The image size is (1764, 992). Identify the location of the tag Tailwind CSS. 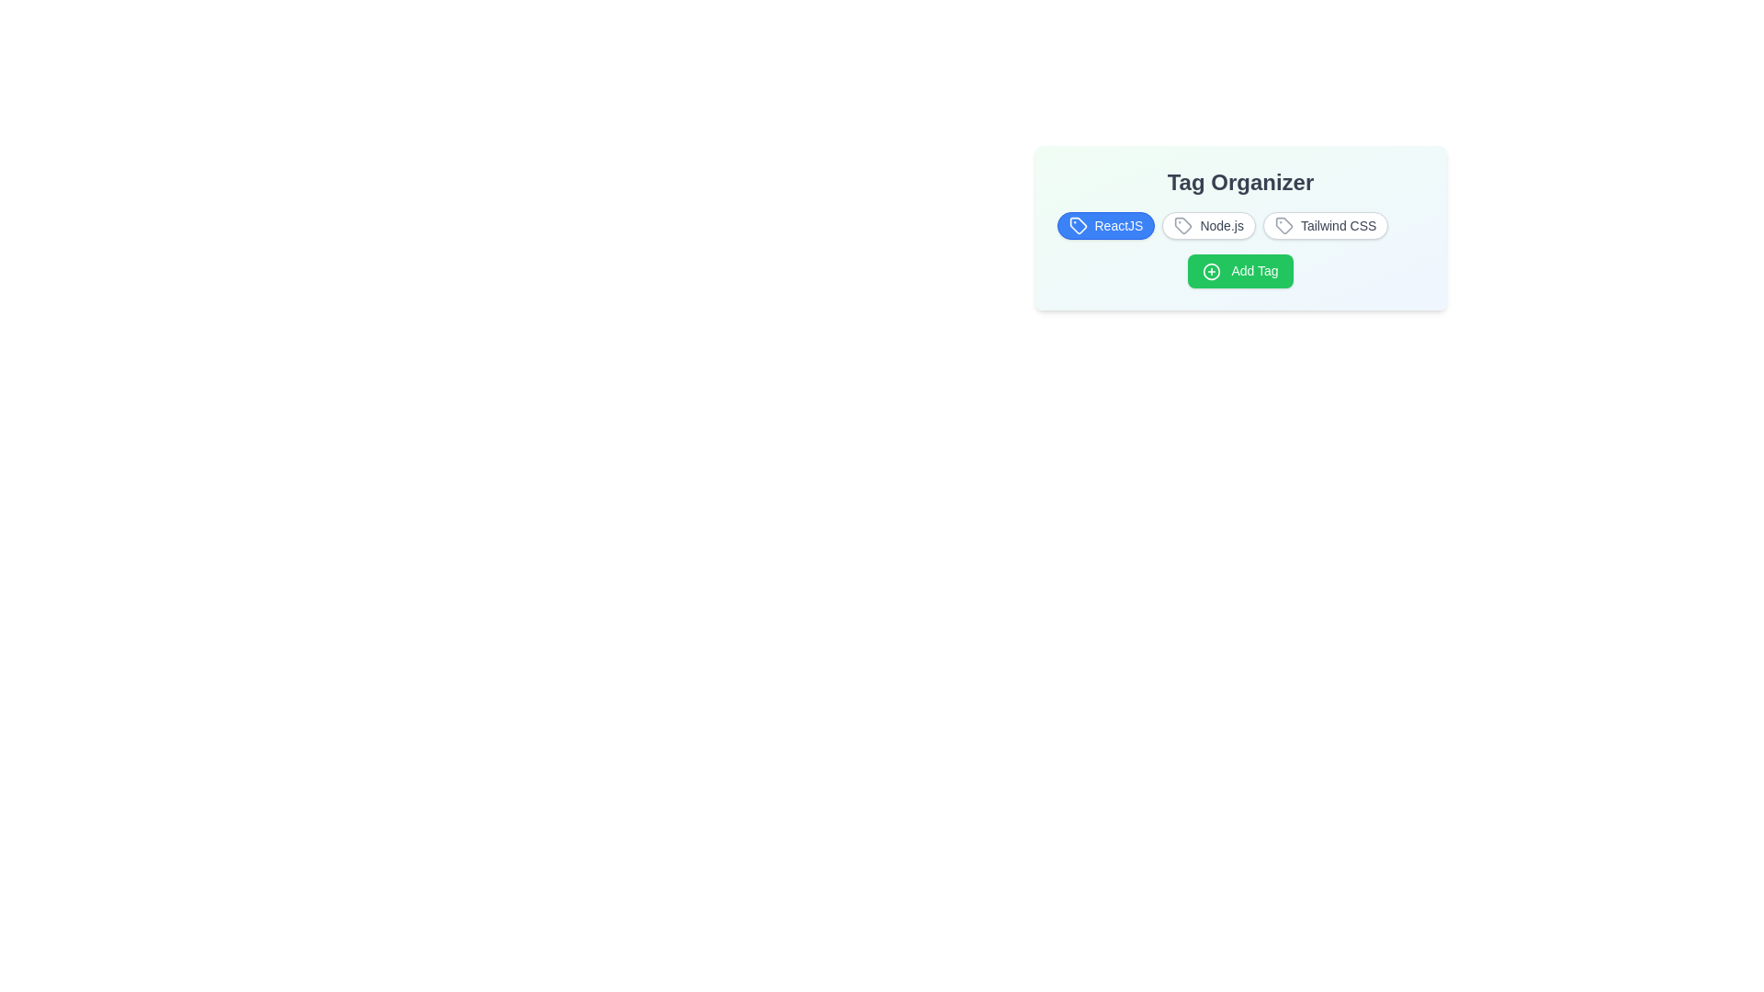
(1326, 225).